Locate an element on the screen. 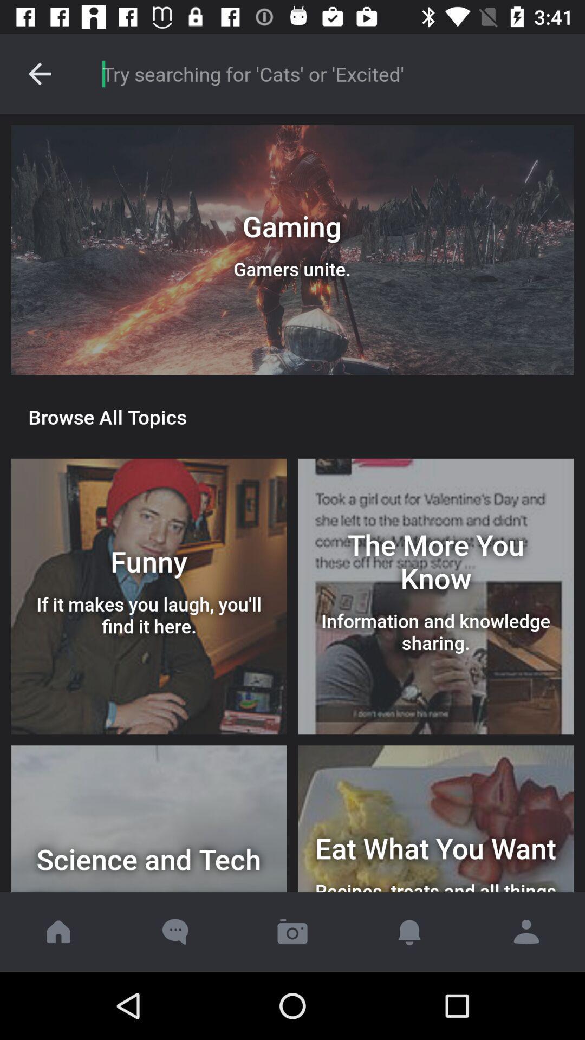  search item is located at coordinates (331, 73).